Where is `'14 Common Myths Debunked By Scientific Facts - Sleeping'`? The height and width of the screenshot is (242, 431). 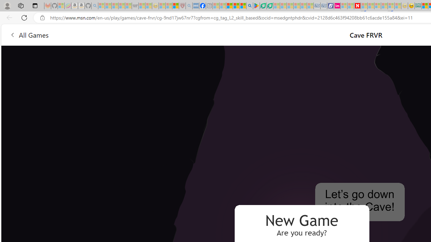 '14 Common Myths Debunked By Scientific Facts - Sleeping' is located at coordinates (370, 6).